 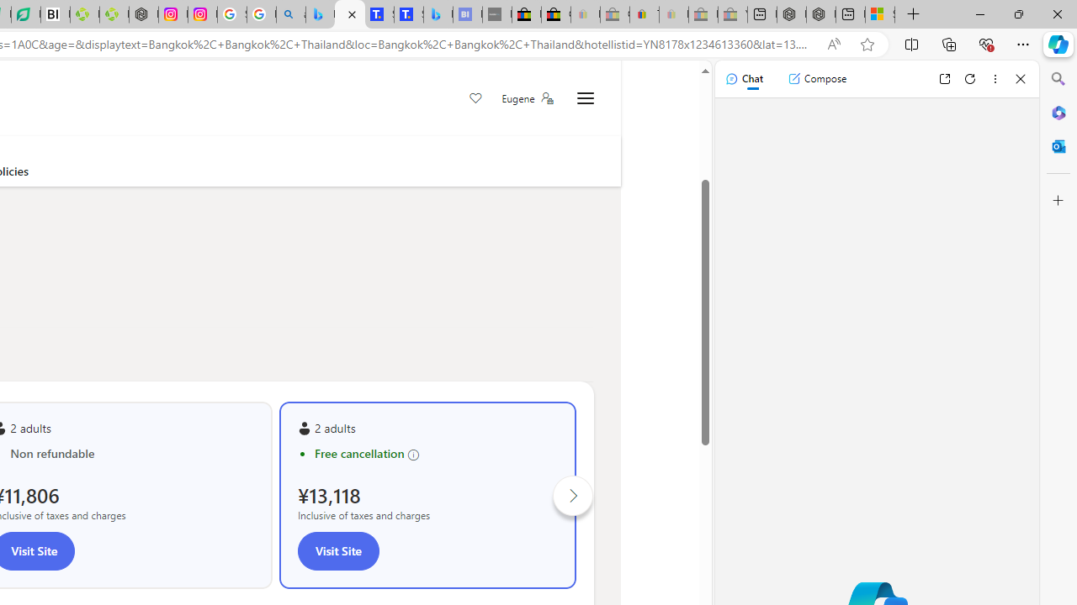 What do you see at coordinates (114, 14) in the screenshot?
I see `'Descarga Driver Updater'` at bounding box center [114, 14].